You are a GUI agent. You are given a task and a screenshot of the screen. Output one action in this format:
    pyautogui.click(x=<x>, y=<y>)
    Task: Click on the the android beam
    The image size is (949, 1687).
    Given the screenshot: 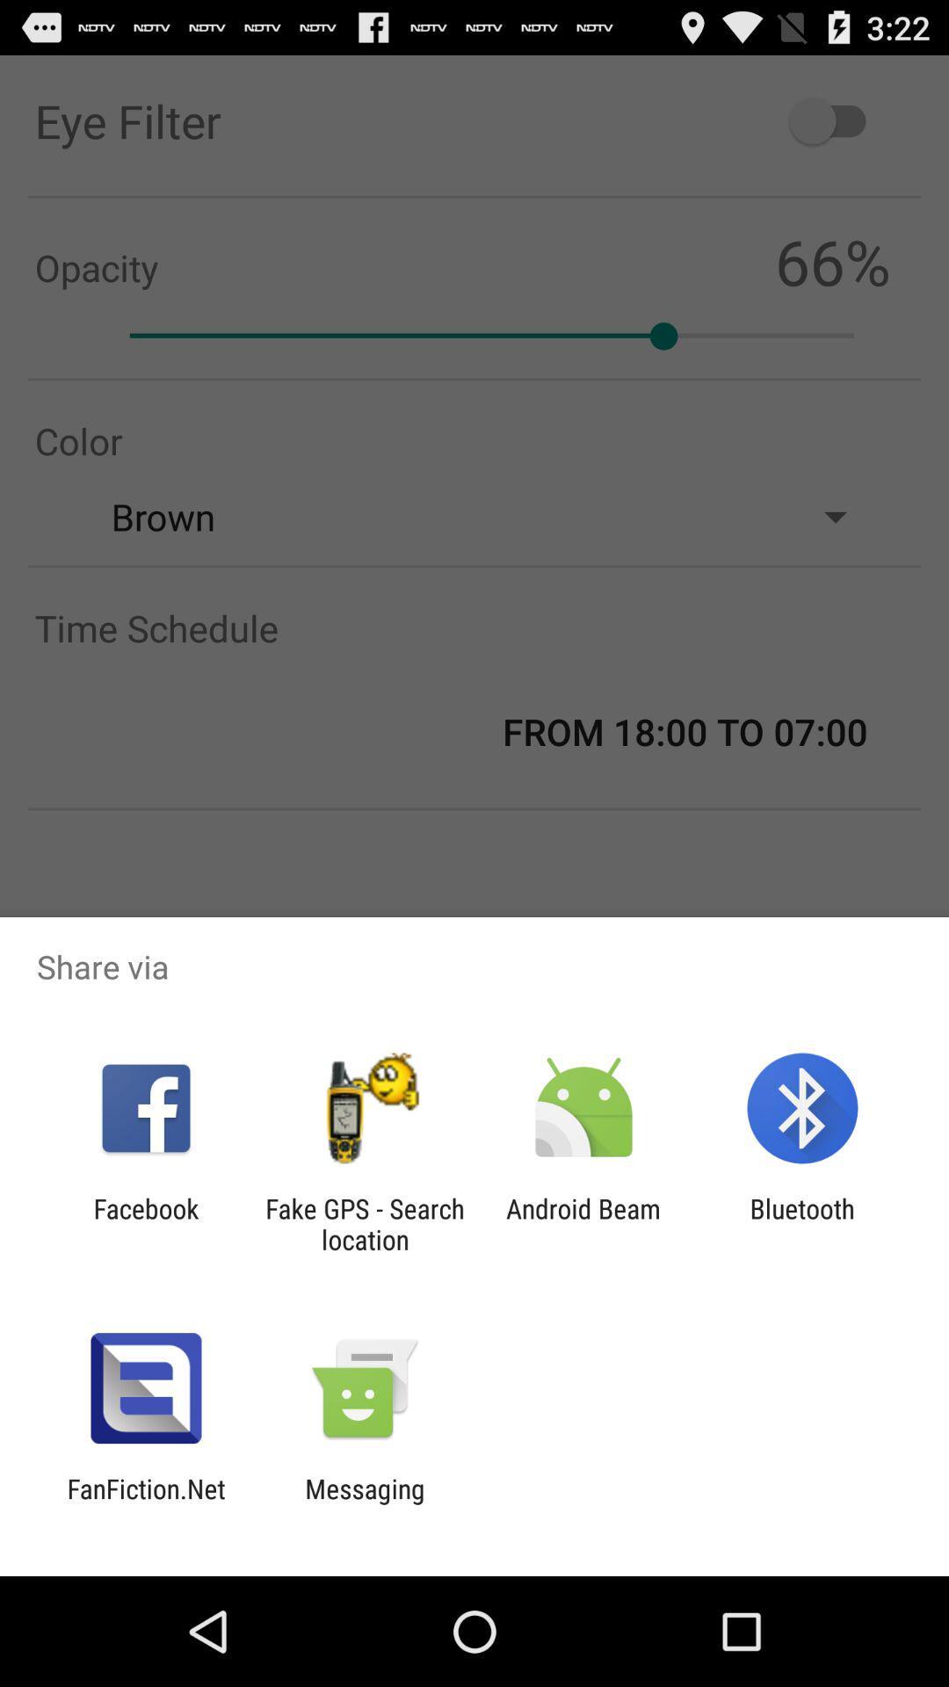 What is the action you would take?
    pyautogui.click(x=583, y=1223)
    